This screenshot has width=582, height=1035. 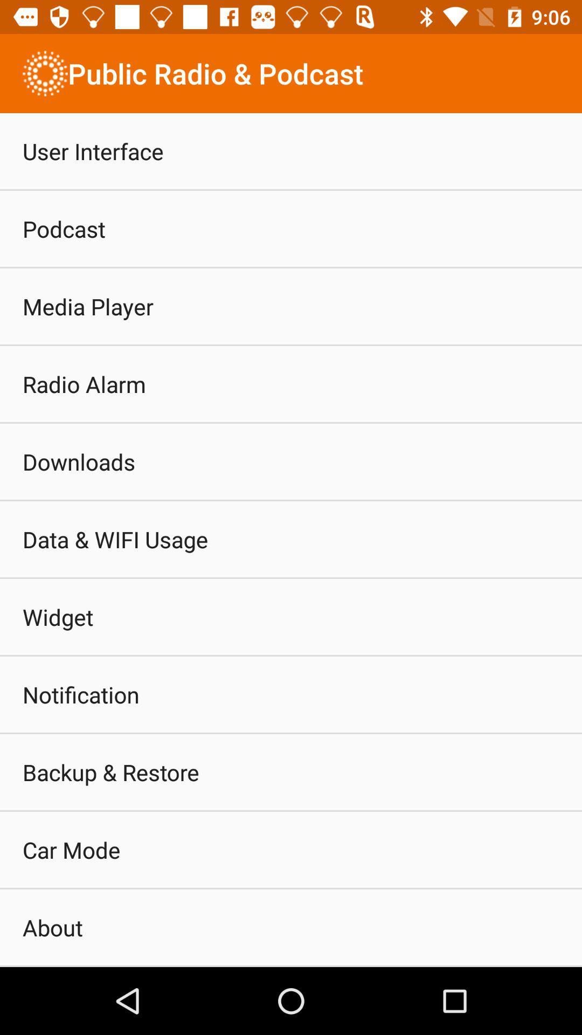 What do you see at coordinates (115, 539) in the screenshot?
I see `app above widget item` at bounding box center [115, 539].